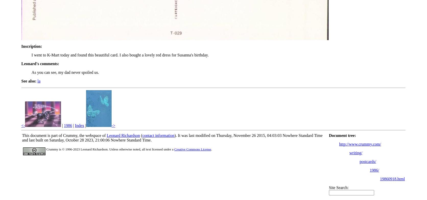  What do you see at coordinates (142, 135) in the screenshot?
I see `'contact information'` at bounding box center [142, 135].